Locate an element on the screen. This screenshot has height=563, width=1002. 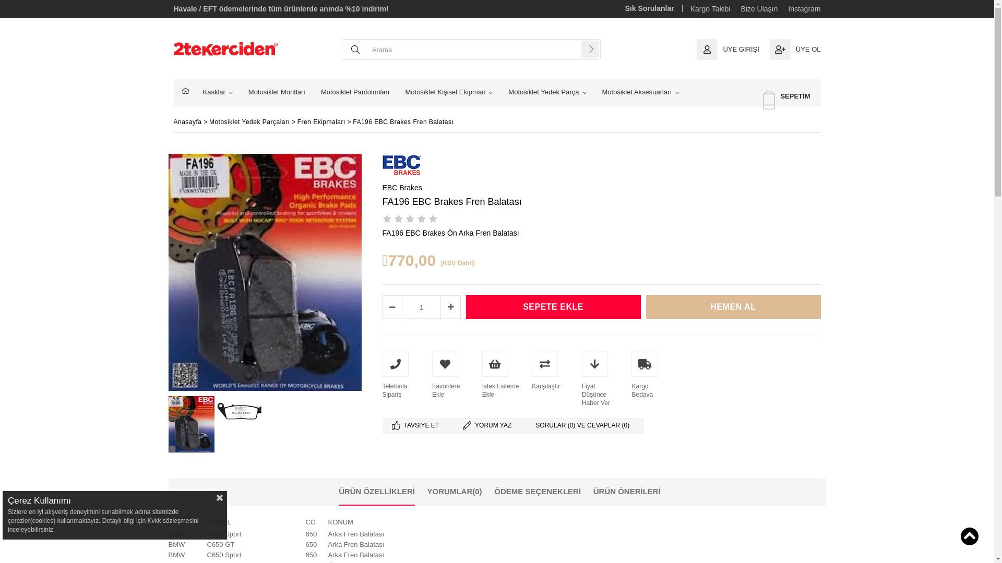
'Anasayfa' is located at coordinates (188, 92).